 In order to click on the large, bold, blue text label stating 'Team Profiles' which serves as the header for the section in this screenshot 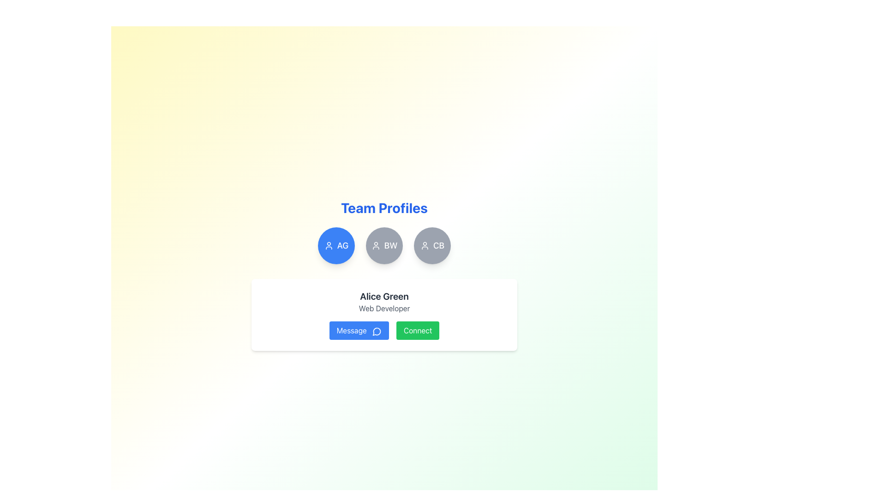, I will do `click(384, 208)`.